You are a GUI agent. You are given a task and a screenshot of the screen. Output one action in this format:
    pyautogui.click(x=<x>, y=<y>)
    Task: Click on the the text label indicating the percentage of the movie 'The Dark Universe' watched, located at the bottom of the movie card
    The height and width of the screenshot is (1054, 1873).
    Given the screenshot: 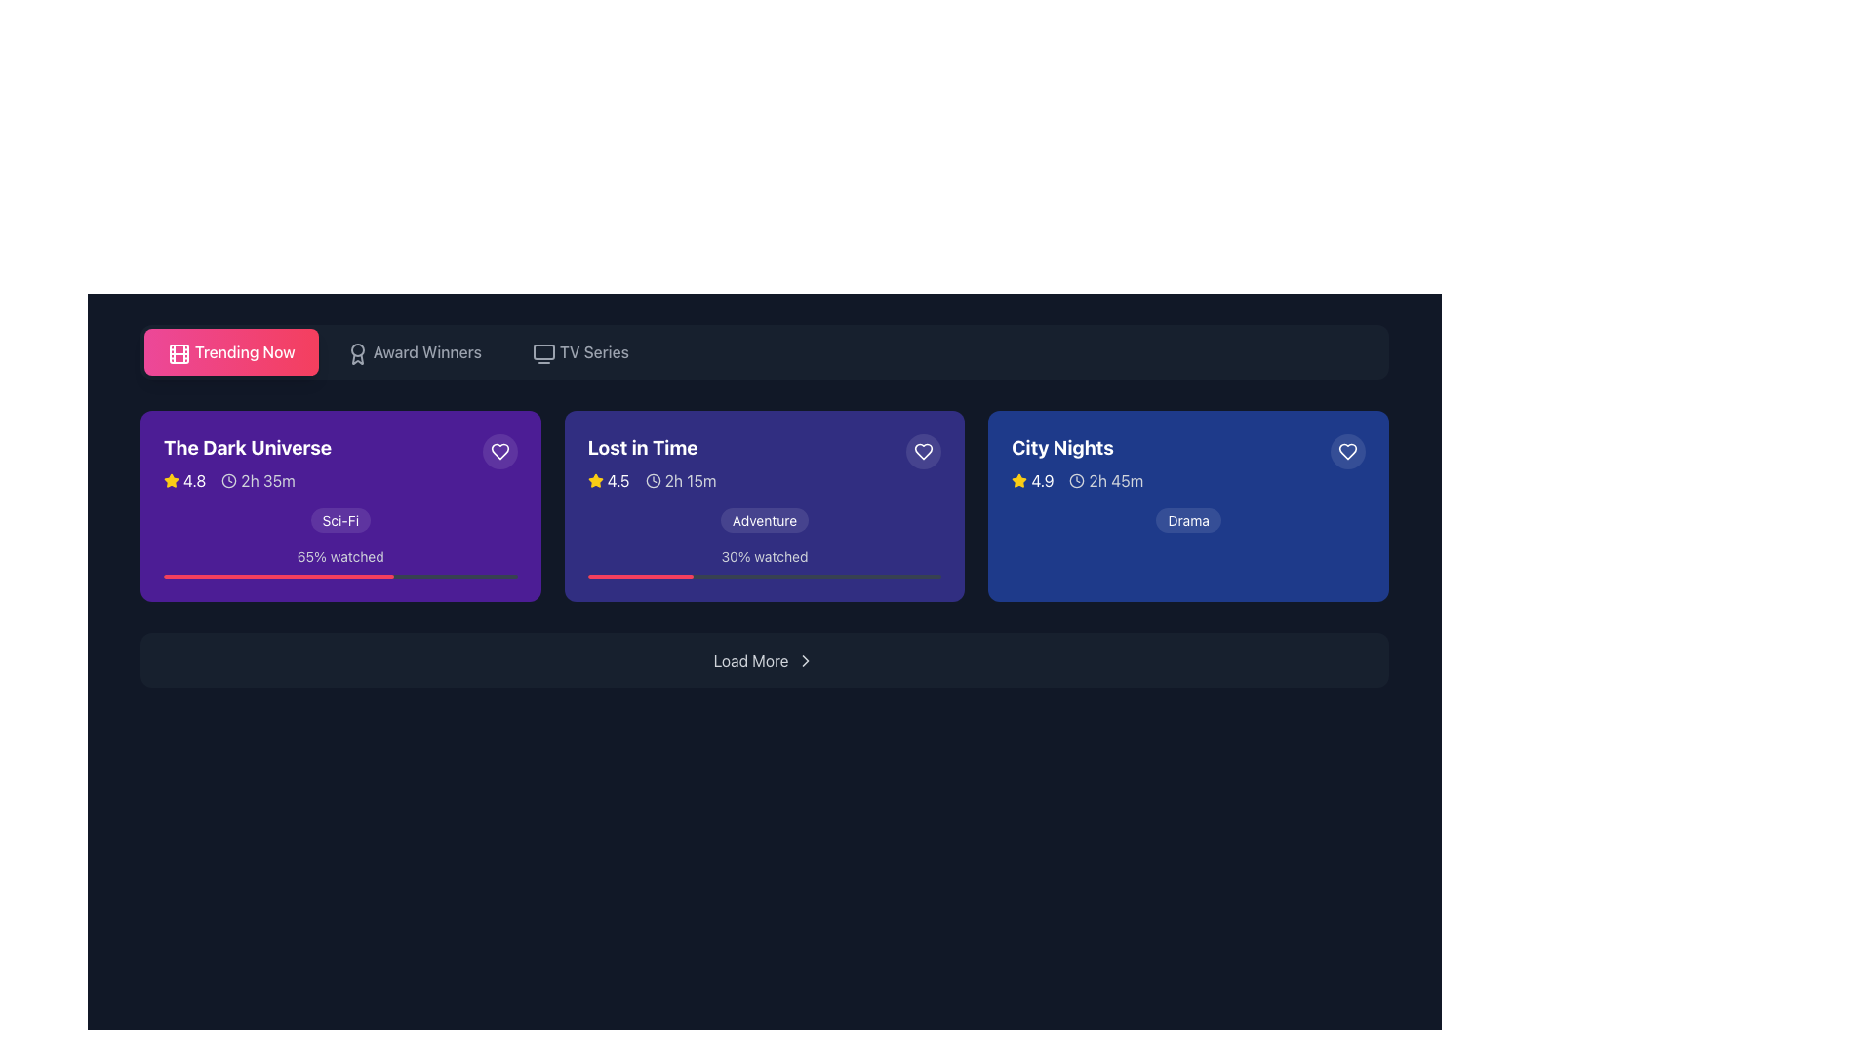 What is the action you would take?
    pyautogui.click(x=340, y=556)
    